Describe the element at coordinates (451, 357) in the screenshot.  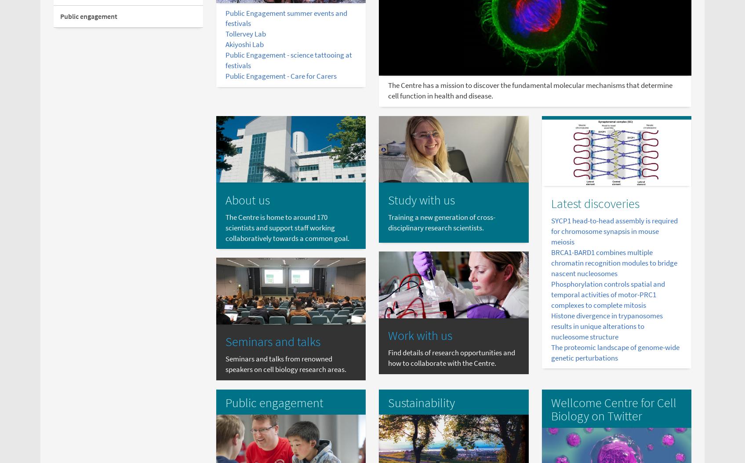
I see `'Find details of research opportunities and how to collaborate with the Centre.'` at that location.